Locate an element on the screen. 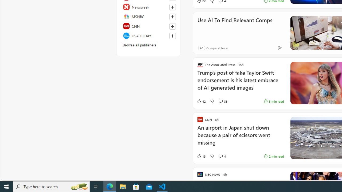  'Browse all publishers' is located at coordinates (139, 45).